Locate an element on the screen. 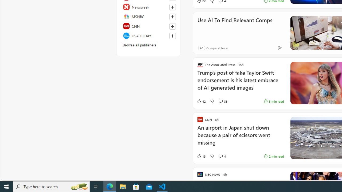  'Browse all publishers' is located at coordinates (139, 45).